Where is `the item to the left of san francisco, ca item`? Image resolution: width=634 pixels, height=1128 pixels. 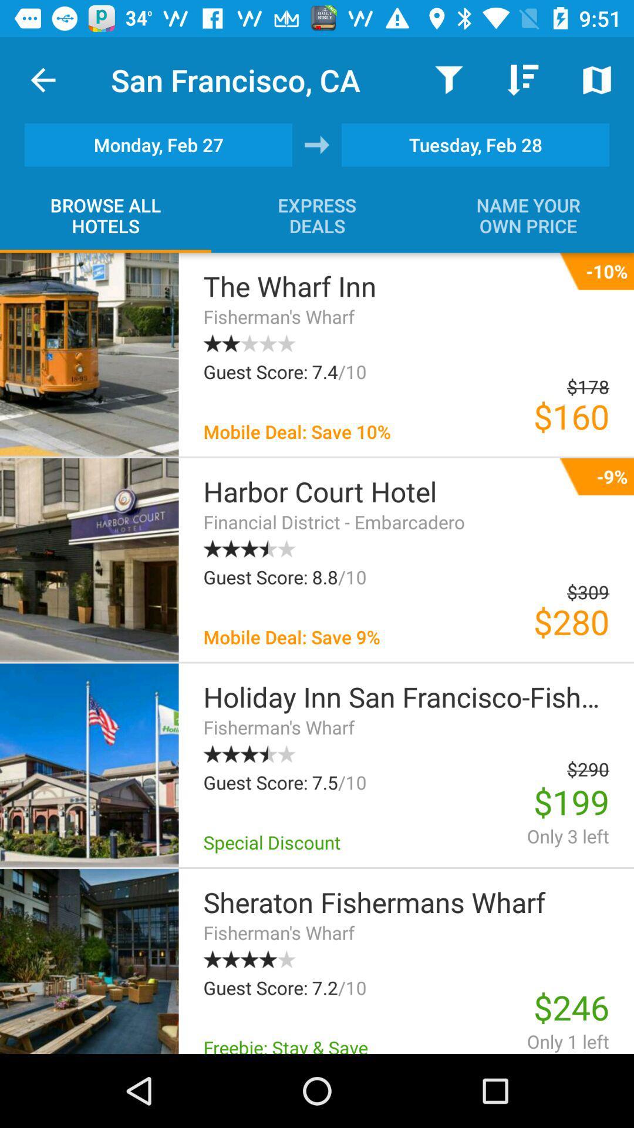
the item to the left of san francisco, ca item is located at coordinates (42, 79).